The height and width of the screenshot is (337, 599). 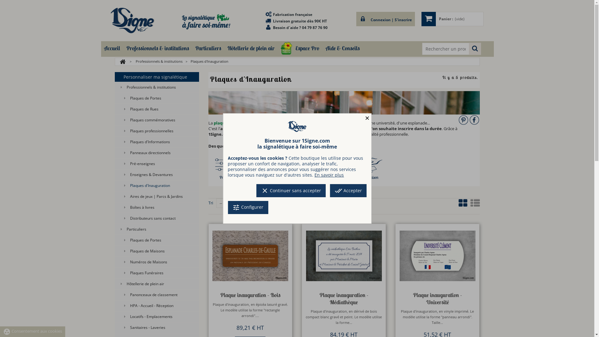 I want to click on 'tune Configurer', so click(x=247, y=207).